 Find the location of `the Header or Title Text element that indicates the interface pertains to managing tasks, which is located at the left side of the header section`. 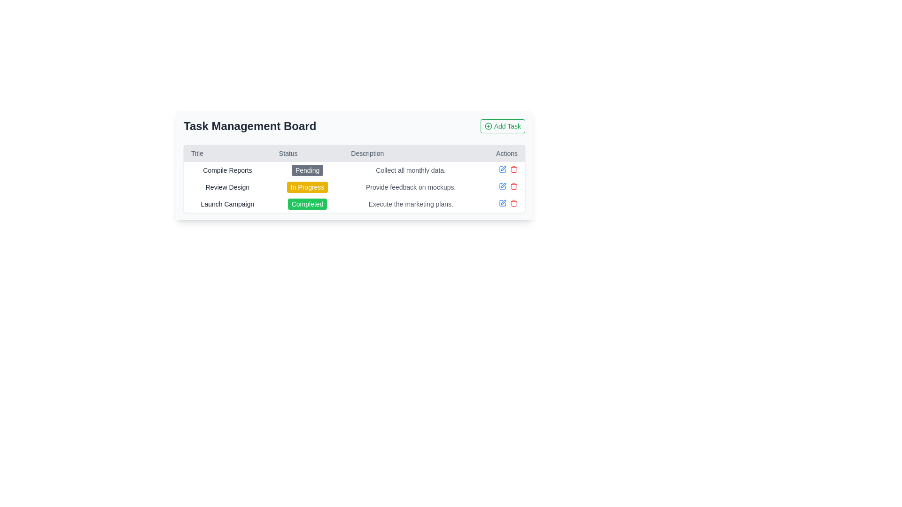

the Header or Title Text element that indicates the interface pertains to managing tasks, which is located at the left side of the header section is located at coordinates (250, 126).